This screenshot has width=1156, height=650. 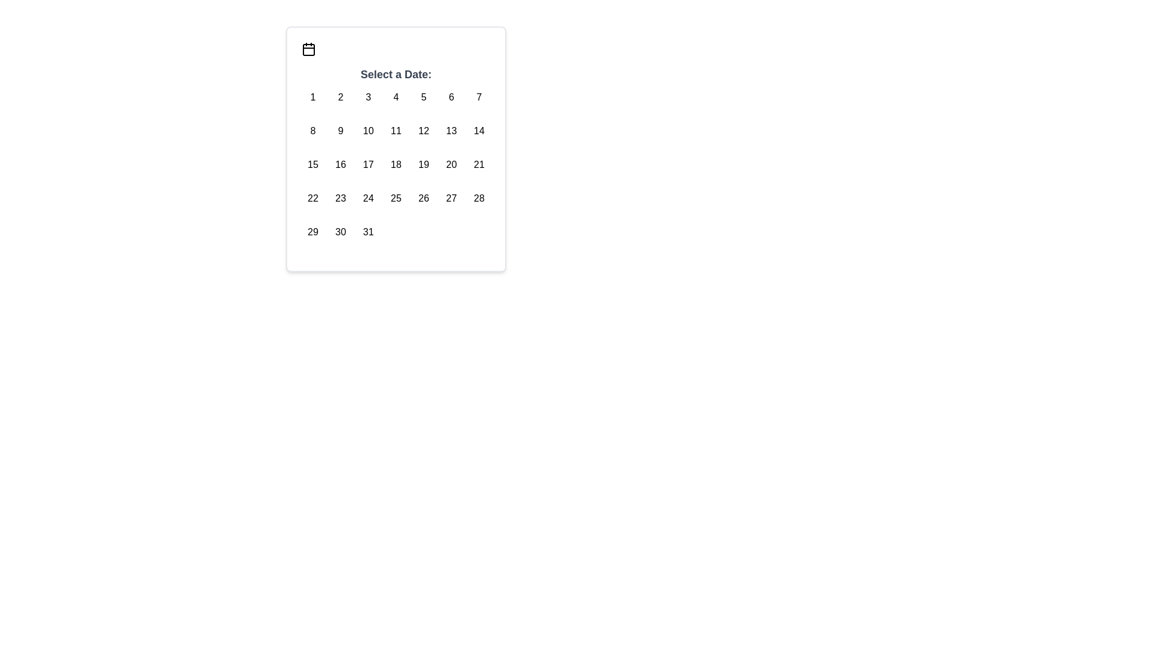 What do you see at coordinates (312, 131) in the screenshot?
I see `the button labeled '8' in the second row of the calendar grid` at bounding box center [312, 131].